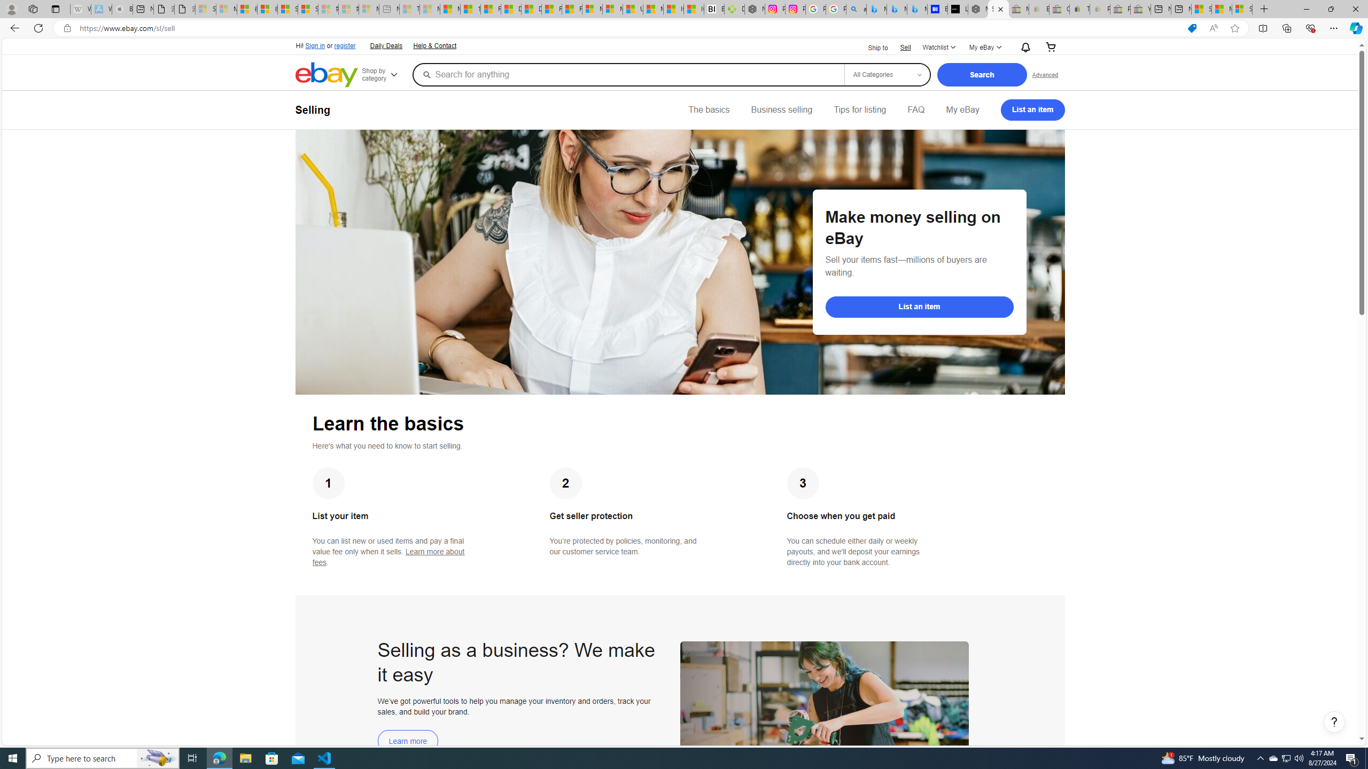  Describe the element at coordinates (433, 45) in the screenshot. I see `'Help & Contact'` at that location.